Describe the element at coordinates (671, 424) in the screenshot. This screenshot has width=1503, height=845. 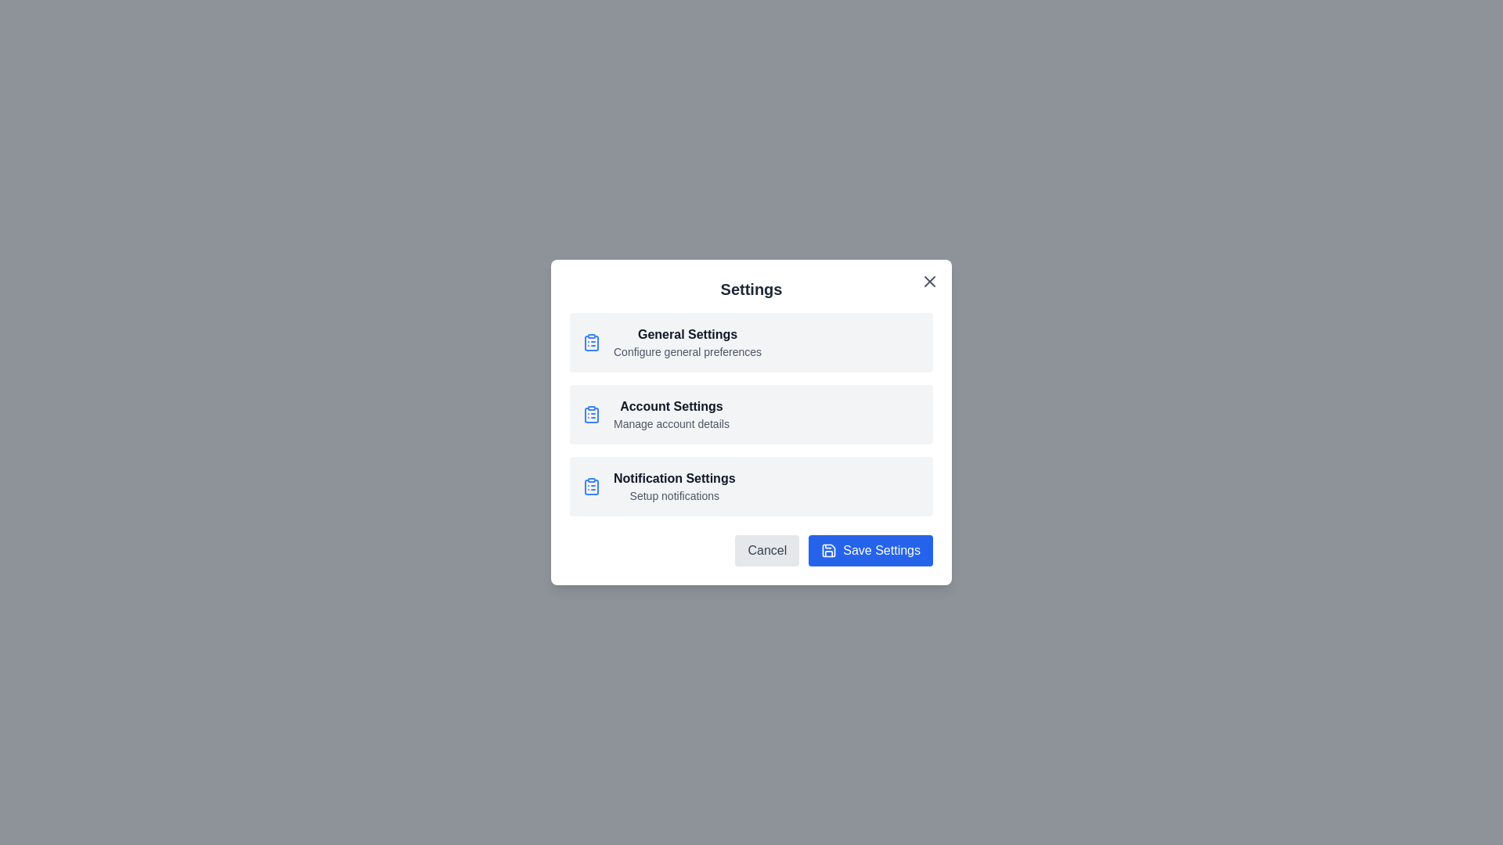
I see `the descriptive text element displaying 'Manage account details', which is styled in light gray and located directly below the 'Account Settings' header` at that location.